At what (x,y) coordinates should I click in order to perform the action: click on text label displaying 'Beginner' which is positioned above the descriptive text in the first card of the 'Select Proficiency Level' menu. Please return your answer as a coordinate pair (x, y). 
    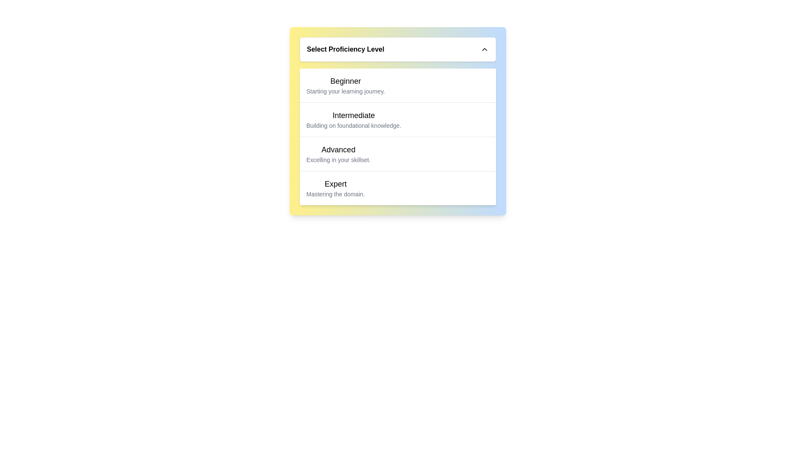
    Looking at the image, I should click on (346, 81).